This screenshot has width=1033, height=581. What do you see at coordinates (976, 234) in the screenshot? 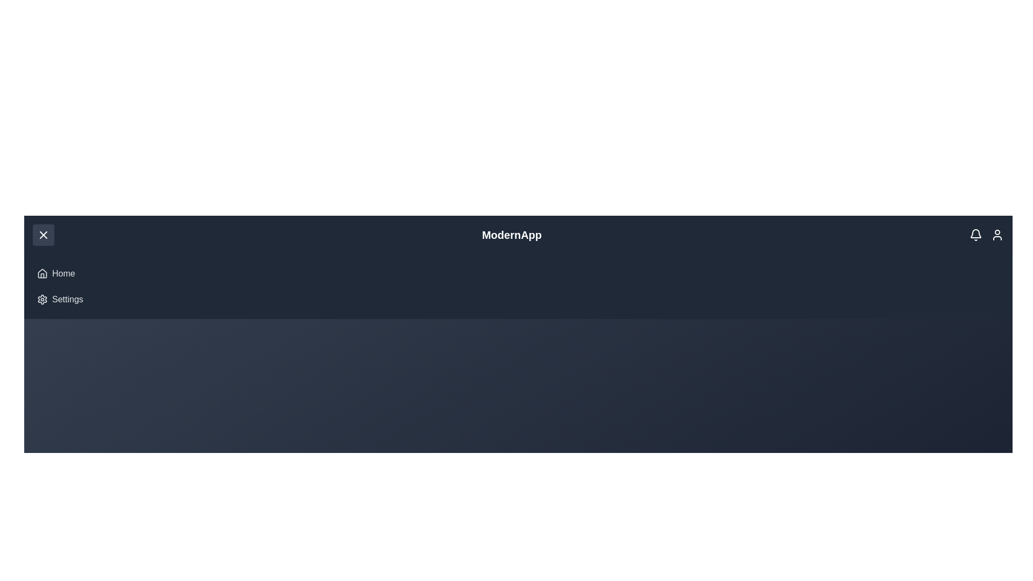
I see `the notification icon to trigger notifications` at bounding box center [976, 234].